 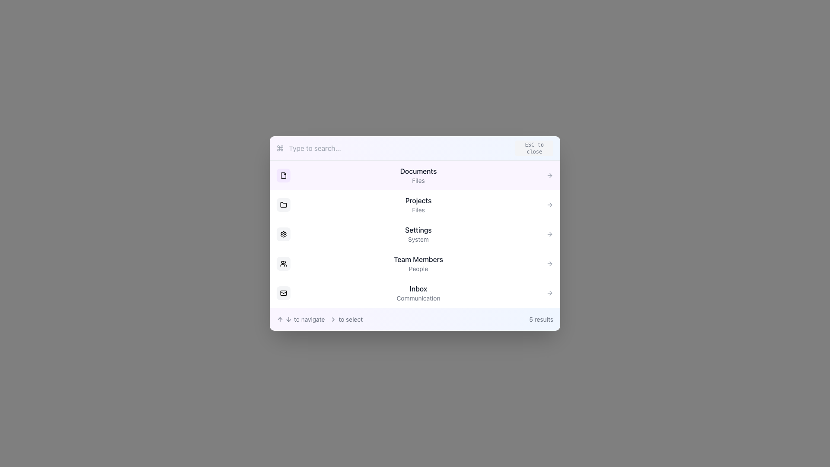 What do you see at coordinates (415, 263) in the screenshot?
I see `the 'Team Members' navigation menu item located below 'Documents', 'Projects', and 'Settings', and above 'Inbox'` at bounding box center [415, 263].